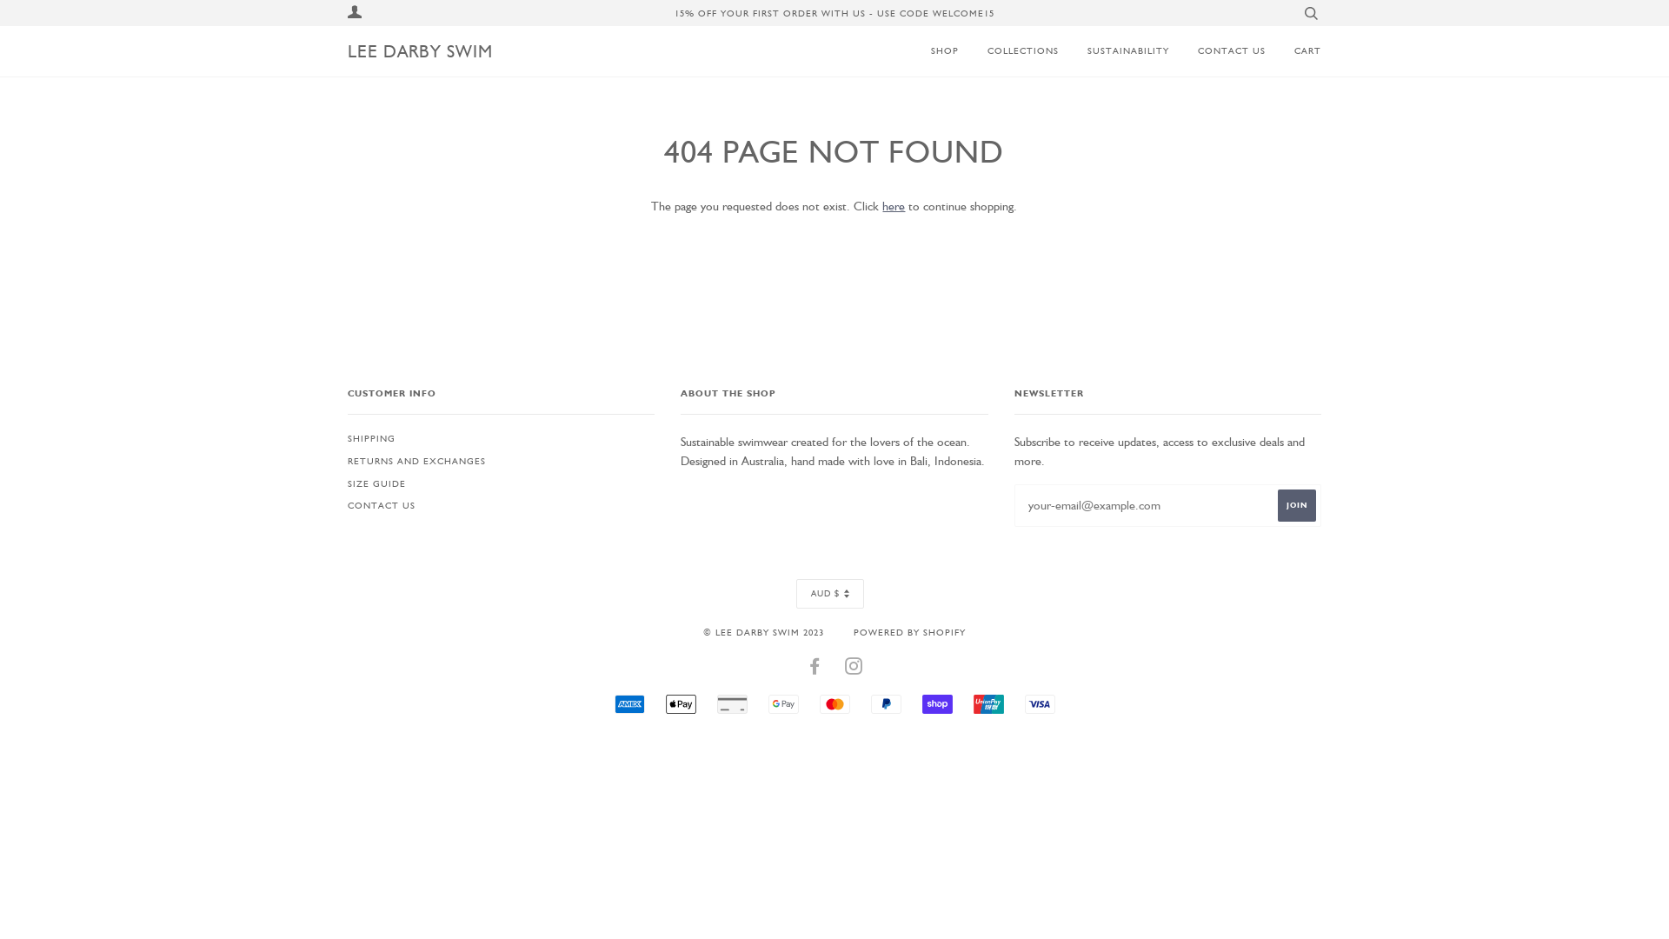  What do you see at coordinates (380, 505) in the screenshot?
I see `'CONTACT US'` at bounding box center [380, 505].